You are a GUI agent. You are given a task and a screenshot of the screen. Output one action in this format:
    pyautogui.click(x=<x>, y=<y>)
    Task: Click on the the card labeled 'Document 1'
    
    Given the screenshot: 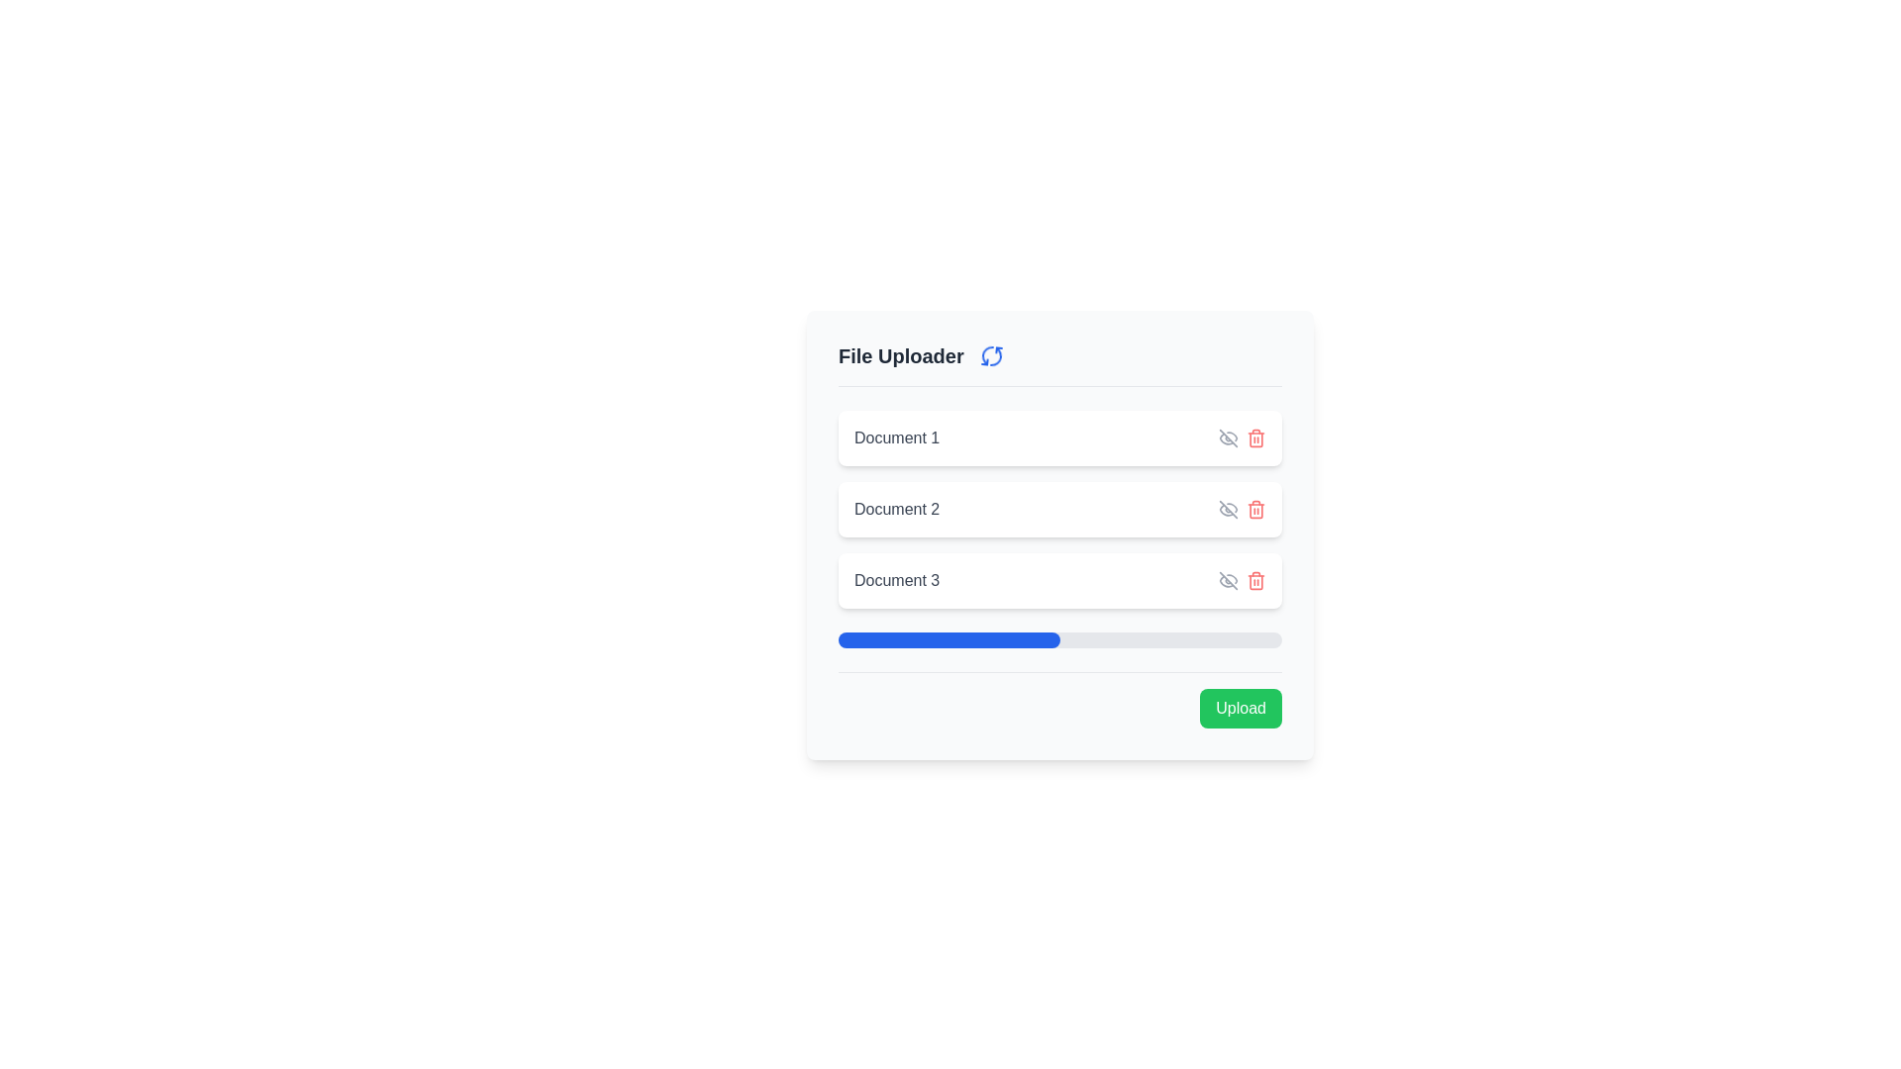 What is the action you would take?
    pyautogui.click(x=1058, y=437)
    